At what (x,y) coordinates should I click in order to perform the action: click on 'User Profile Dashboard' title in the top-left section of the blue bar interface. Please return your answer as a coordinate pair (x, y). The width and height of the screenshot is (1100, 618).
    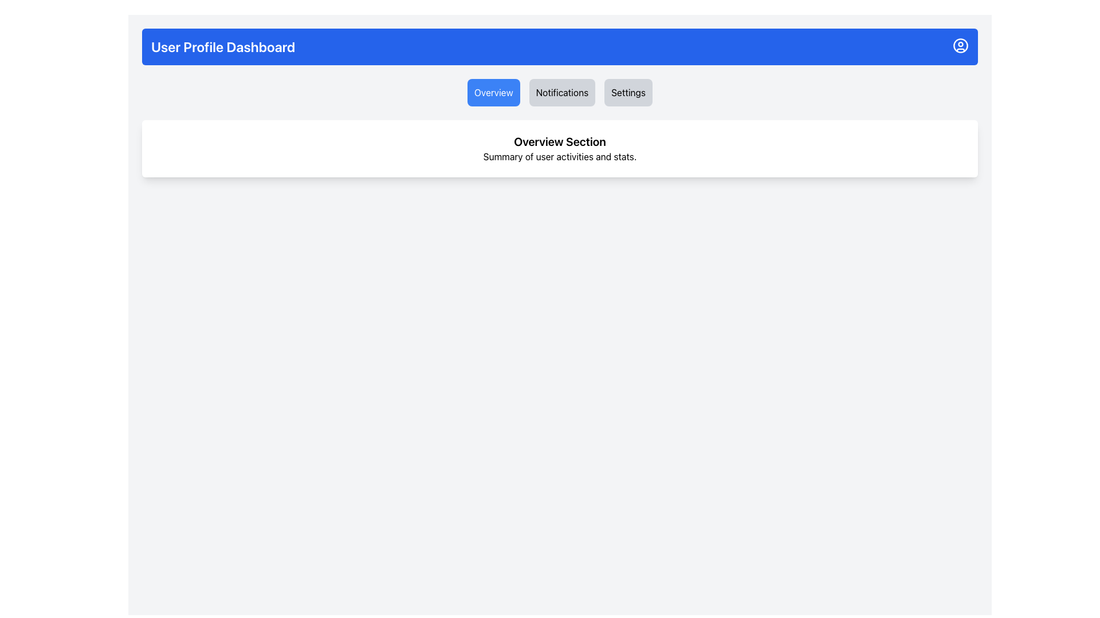
    Looking at the image, I should click on (223, 46).